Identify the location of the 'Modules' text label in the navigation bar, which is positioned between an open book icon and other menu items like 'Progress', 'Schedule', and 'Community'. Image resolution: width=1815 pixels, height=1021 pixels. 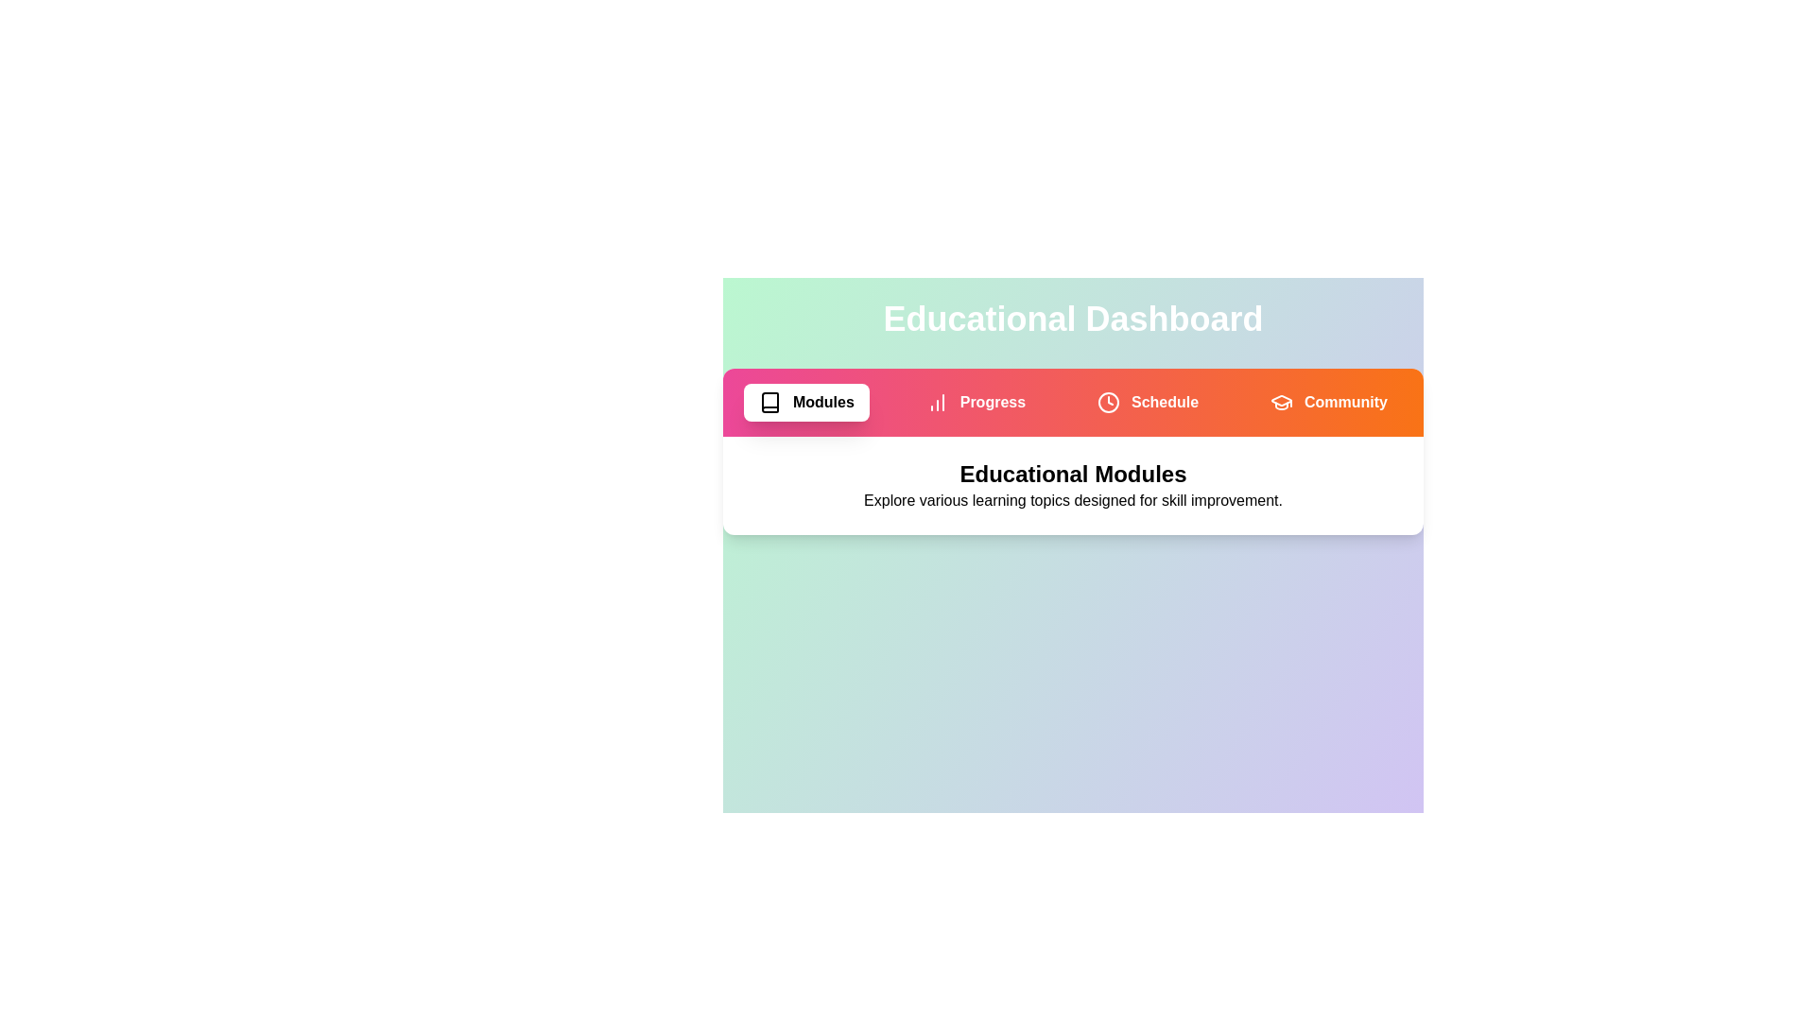
(823, 401).